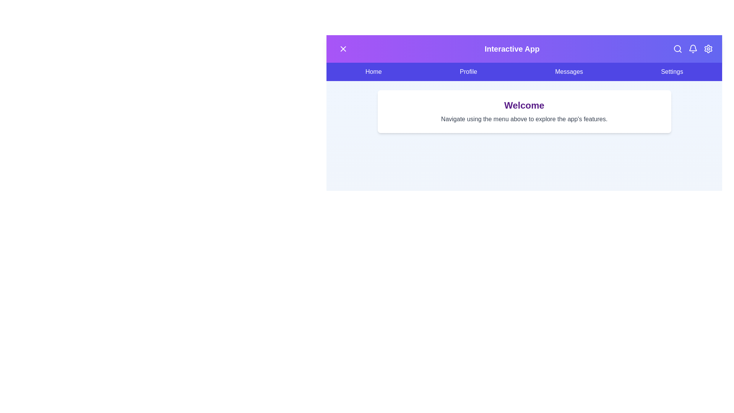  Describe the element at coordinates (343, 49) in the screenshot. I see `the menu button to toggle the menu state` at that location.